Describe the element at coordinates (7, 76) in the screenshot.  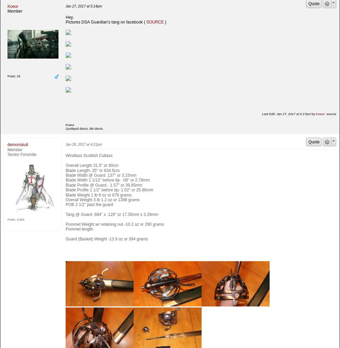
I see `'Posts: 29'` at that location.